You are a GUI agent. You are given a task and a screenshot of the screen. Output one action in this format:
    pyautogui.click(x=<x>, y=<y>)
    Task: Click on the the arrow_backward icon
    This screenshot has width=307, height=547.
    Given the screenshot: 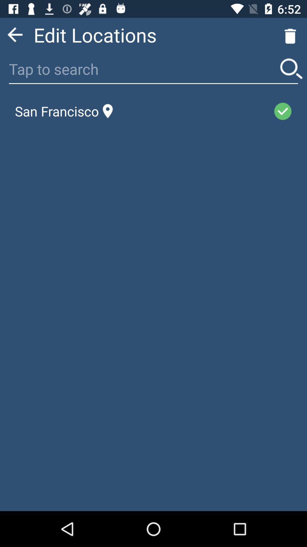 What is the action you would take?
    pyautogui.click(x=14, y=37)
    